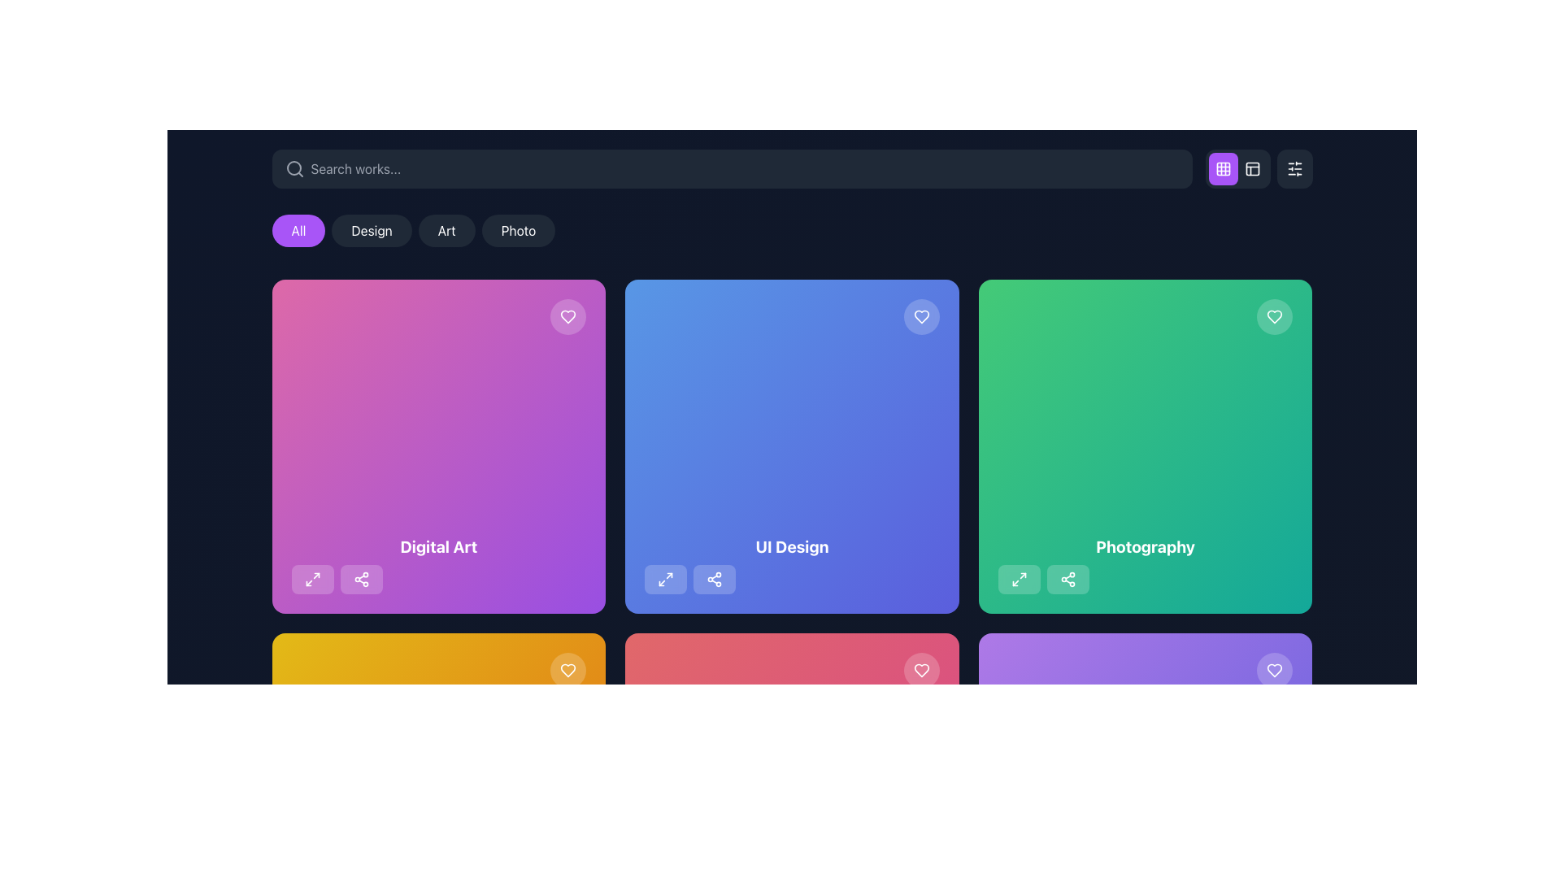 The height and width of the screenshot is (878, 1561). Describe the element at coordinates (1018, 578) in the screenshot. I see `the first button in the bottom-left corner of the green 'Photography' card` at that location.